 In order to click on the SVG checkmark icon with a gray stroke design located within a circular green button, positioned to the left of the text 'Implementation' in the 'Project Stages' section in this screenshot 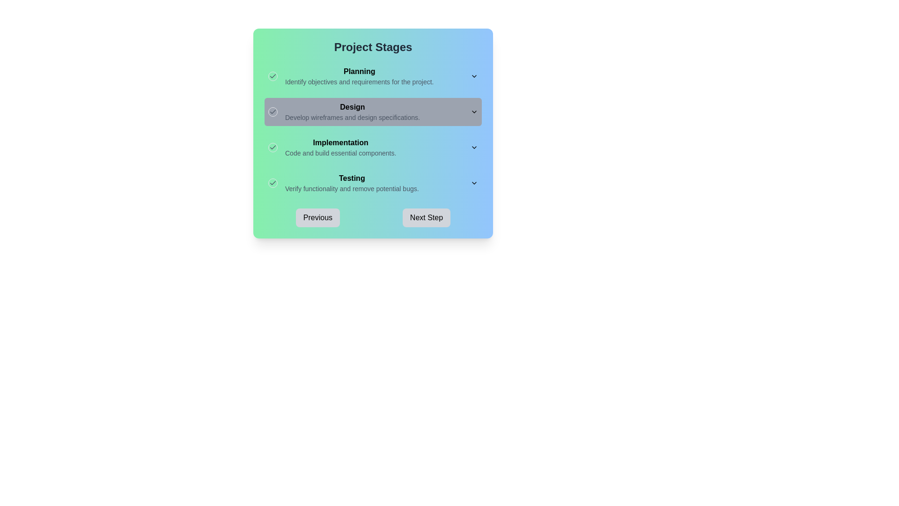, I will do `click(272, 148)`.